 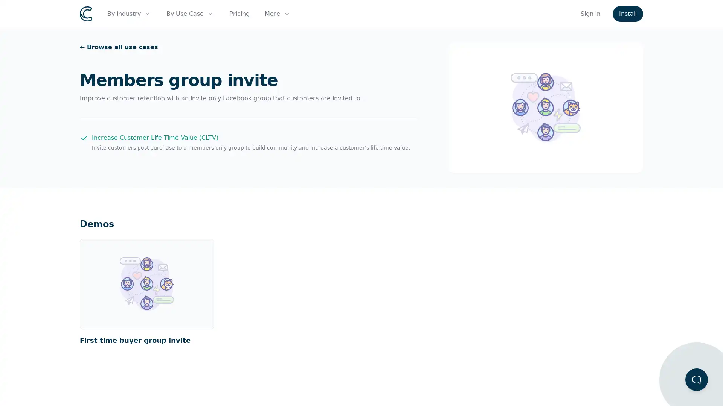 What do you see at coordinates (190, 14) in the screenshot?
I see `By Use Case` at bounding box center [190, 14].